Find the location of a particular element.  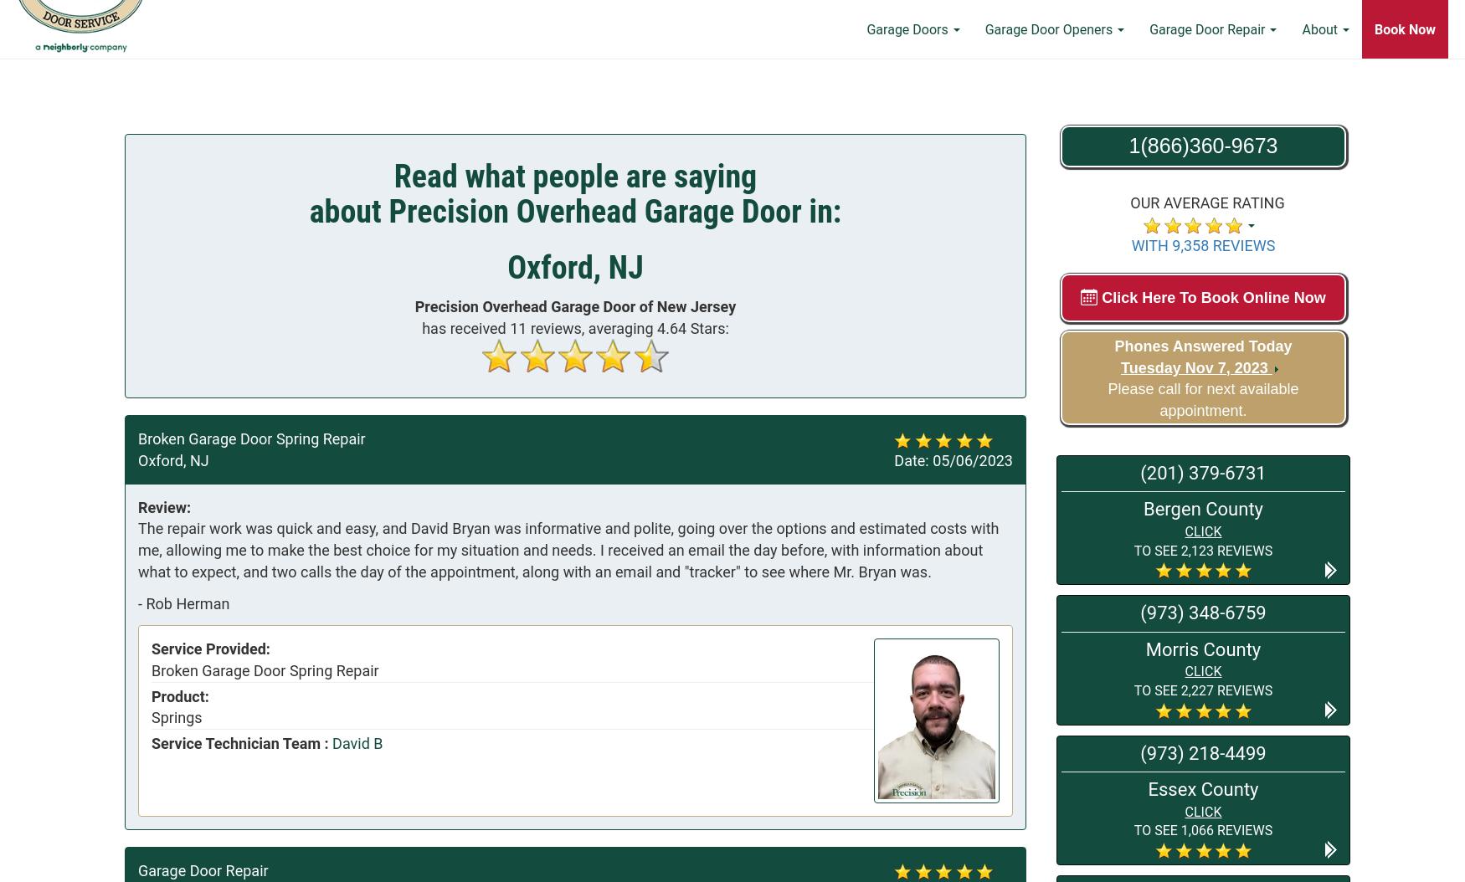

'about Precision Overhead Garage Door in:' is located at coordinates (574, 211).